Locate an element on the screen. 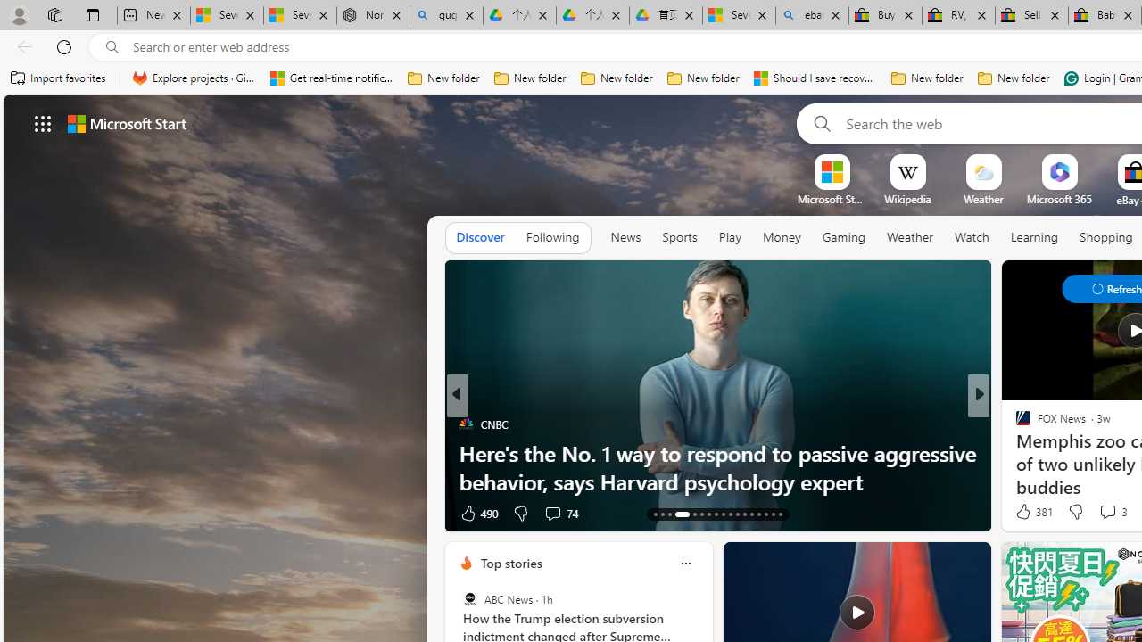 The height and width of the screenshot is (642, 1142). 'Sports' is located at coordinates (678, 236).